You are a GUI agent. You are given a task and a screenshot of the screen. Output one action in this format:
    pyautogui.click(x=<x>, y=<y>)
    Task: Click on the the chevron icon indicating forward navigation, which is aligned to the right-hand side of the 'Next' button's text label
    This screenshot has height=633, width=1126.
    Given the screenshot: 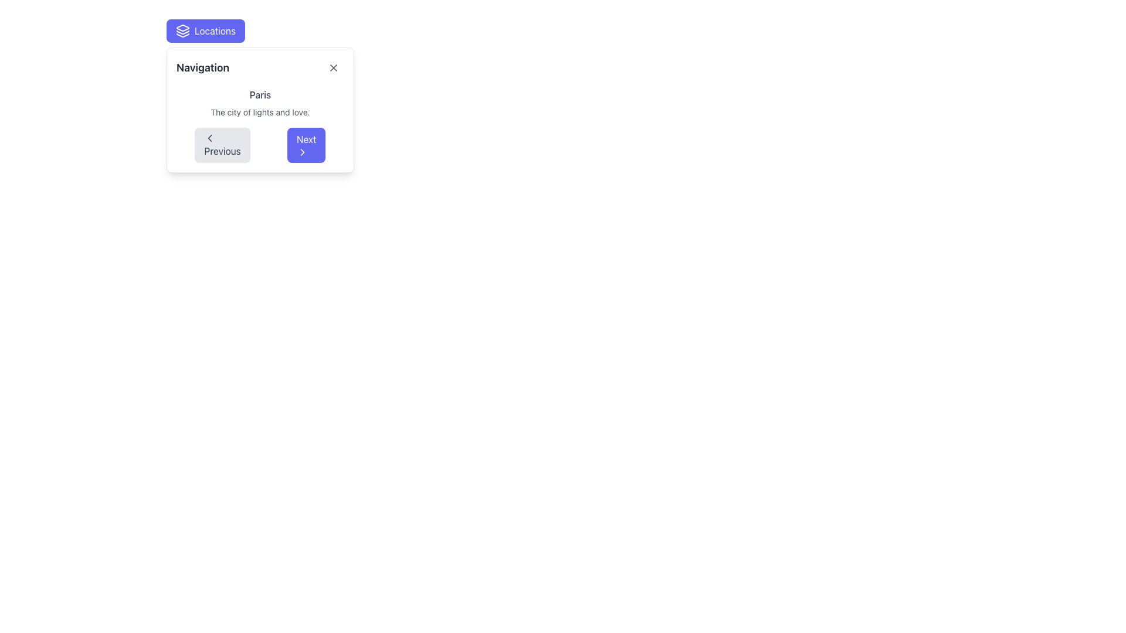 What is the action you would take?
    pyautogui.click(x=302, y=151)
    